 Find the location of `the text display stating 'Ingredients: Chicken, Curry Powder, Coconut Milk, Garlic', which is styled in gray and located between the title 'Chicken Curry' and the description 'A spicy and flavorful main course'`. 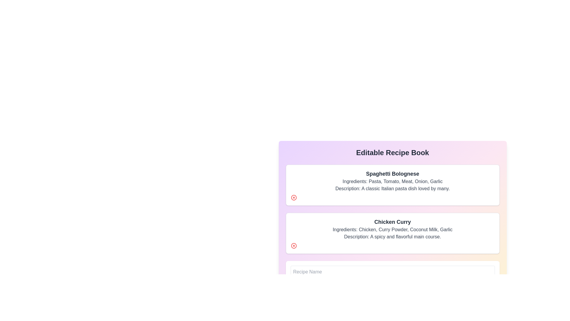

the text display stating 'Ingredients: Chicken, Curry Powder, Coconut Milk, Garlic', which is styled in gray and located between the title 'Chicken Curry' and the description 'A spicy and flavorful main course' is located at coordinates (392, 229).